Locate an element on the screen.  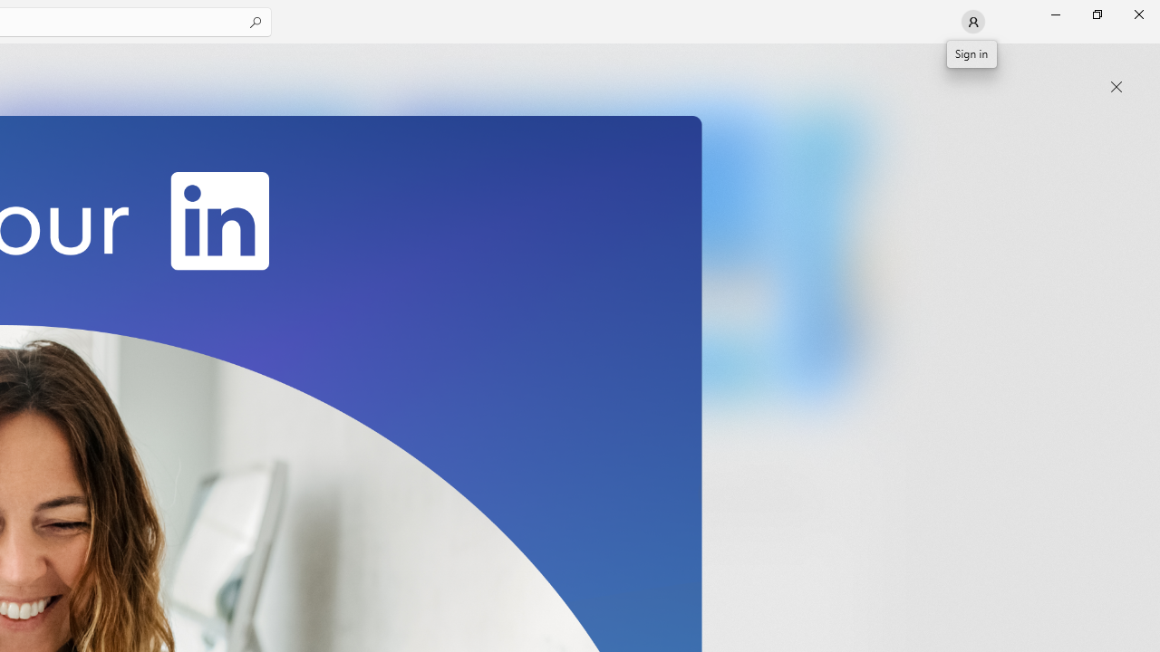
'Minimize Microsoft Store' is located at coordinates (1055, 14).